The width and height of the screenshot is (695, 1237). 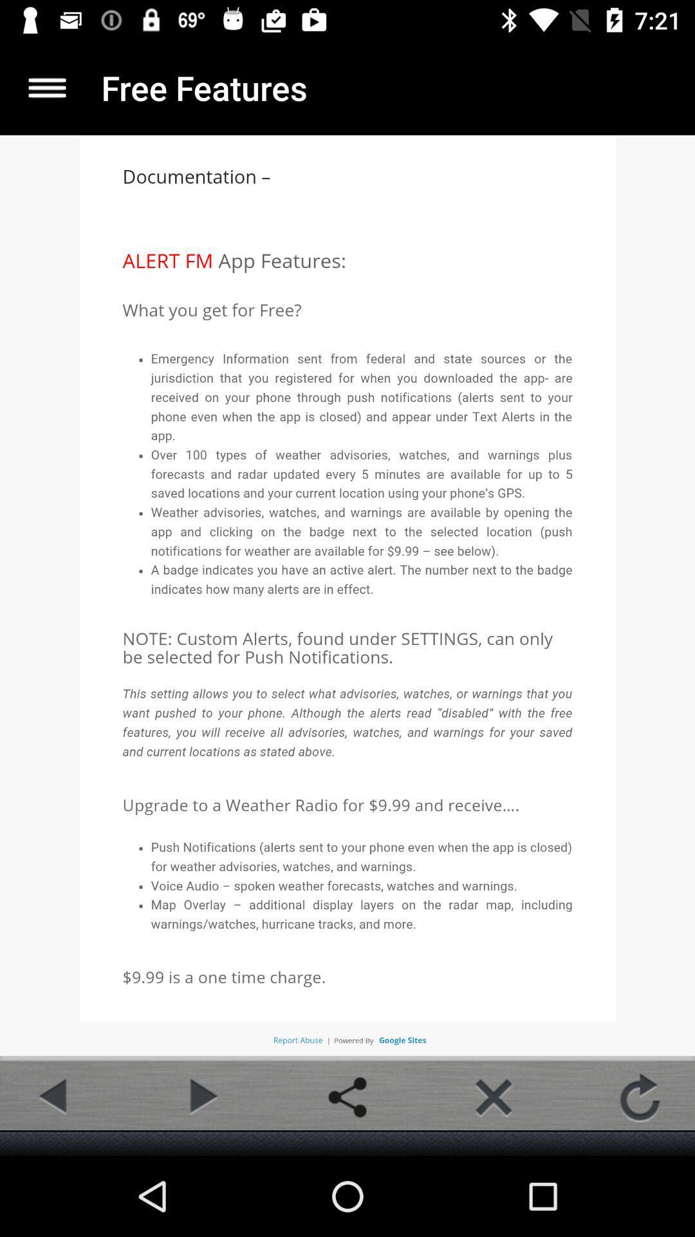 I want to click on refresh, so click(x=640, y=1097).